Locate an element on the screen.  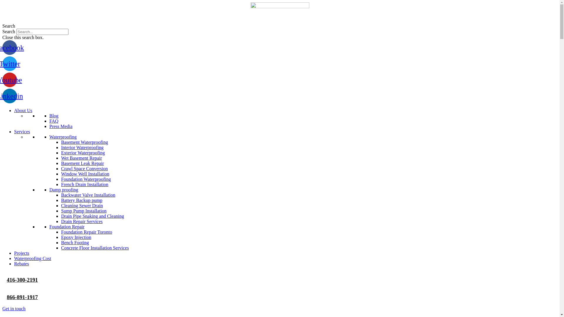
'Battery Backup pump' is located at coordinates (81, 200).